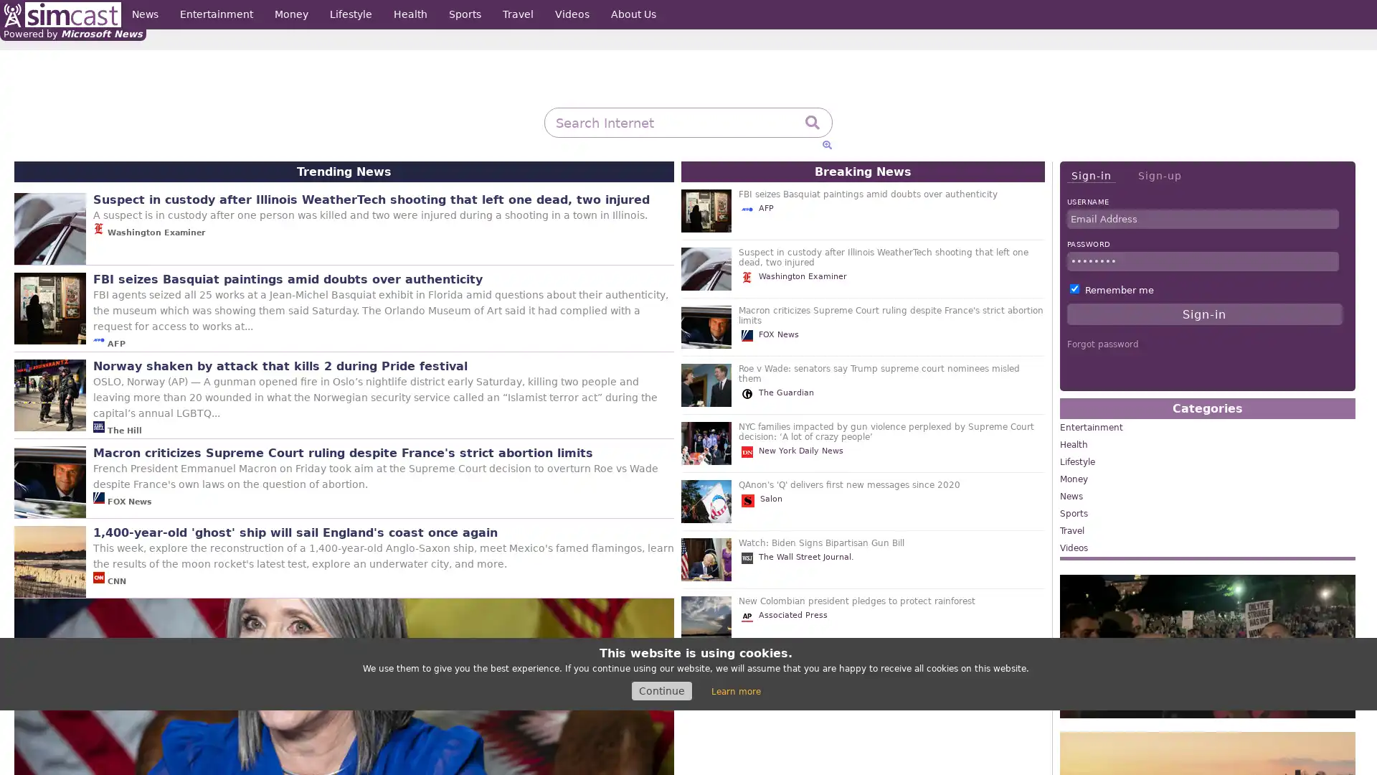 The width and height of the screenshot is (1377, 775). I want to click on Sign-up, so click(1159, 175).